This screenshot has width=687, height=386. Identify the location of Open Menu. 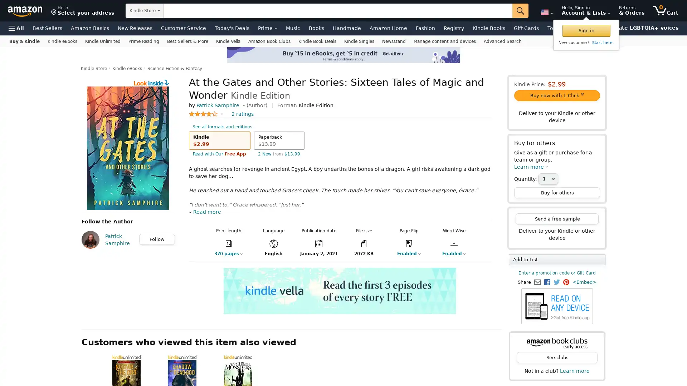
(16, 28).